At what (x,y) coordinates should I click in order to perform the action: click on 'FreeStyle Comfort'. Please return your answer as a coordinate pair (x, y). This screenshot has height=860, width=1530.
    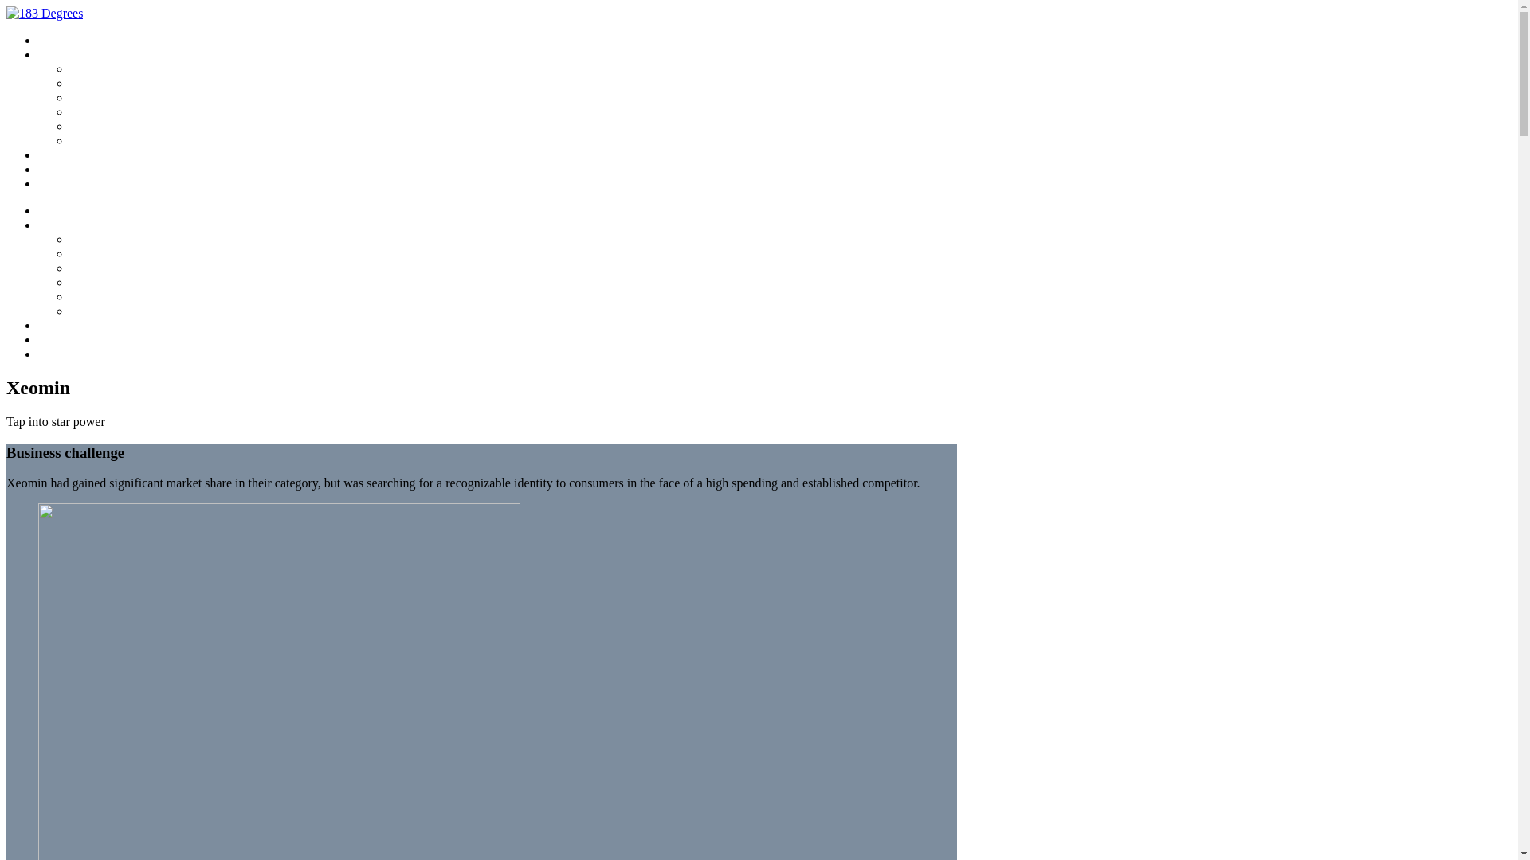
    Looking at the image, I should click on (114, 281).